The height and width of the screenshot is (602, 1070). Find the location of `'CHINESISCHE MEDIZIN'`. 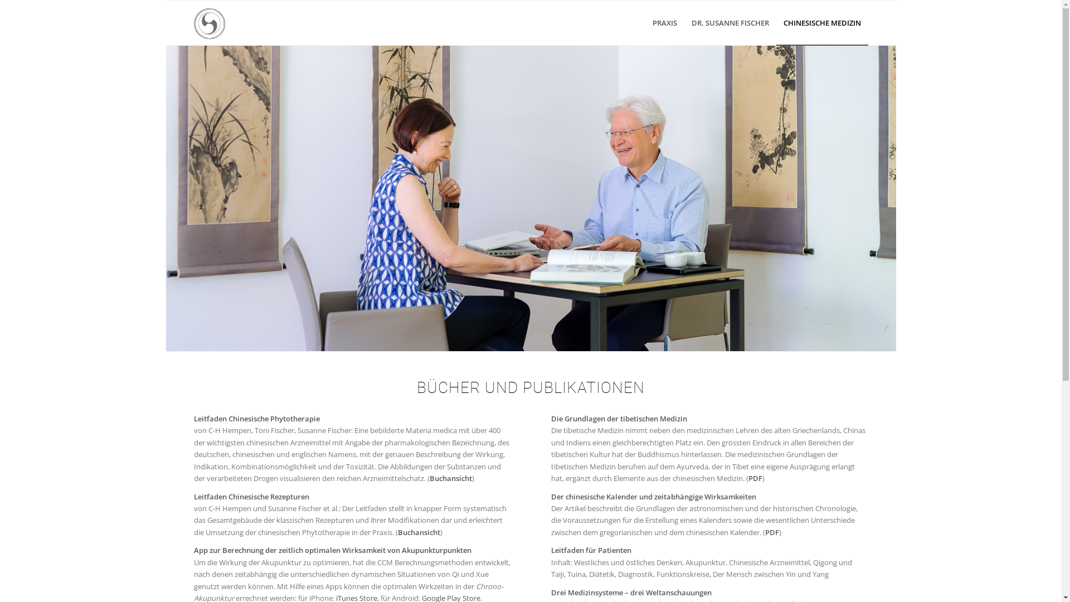

'CHINESISCHE MEDIZIN' is located at coordinates (821, 23).